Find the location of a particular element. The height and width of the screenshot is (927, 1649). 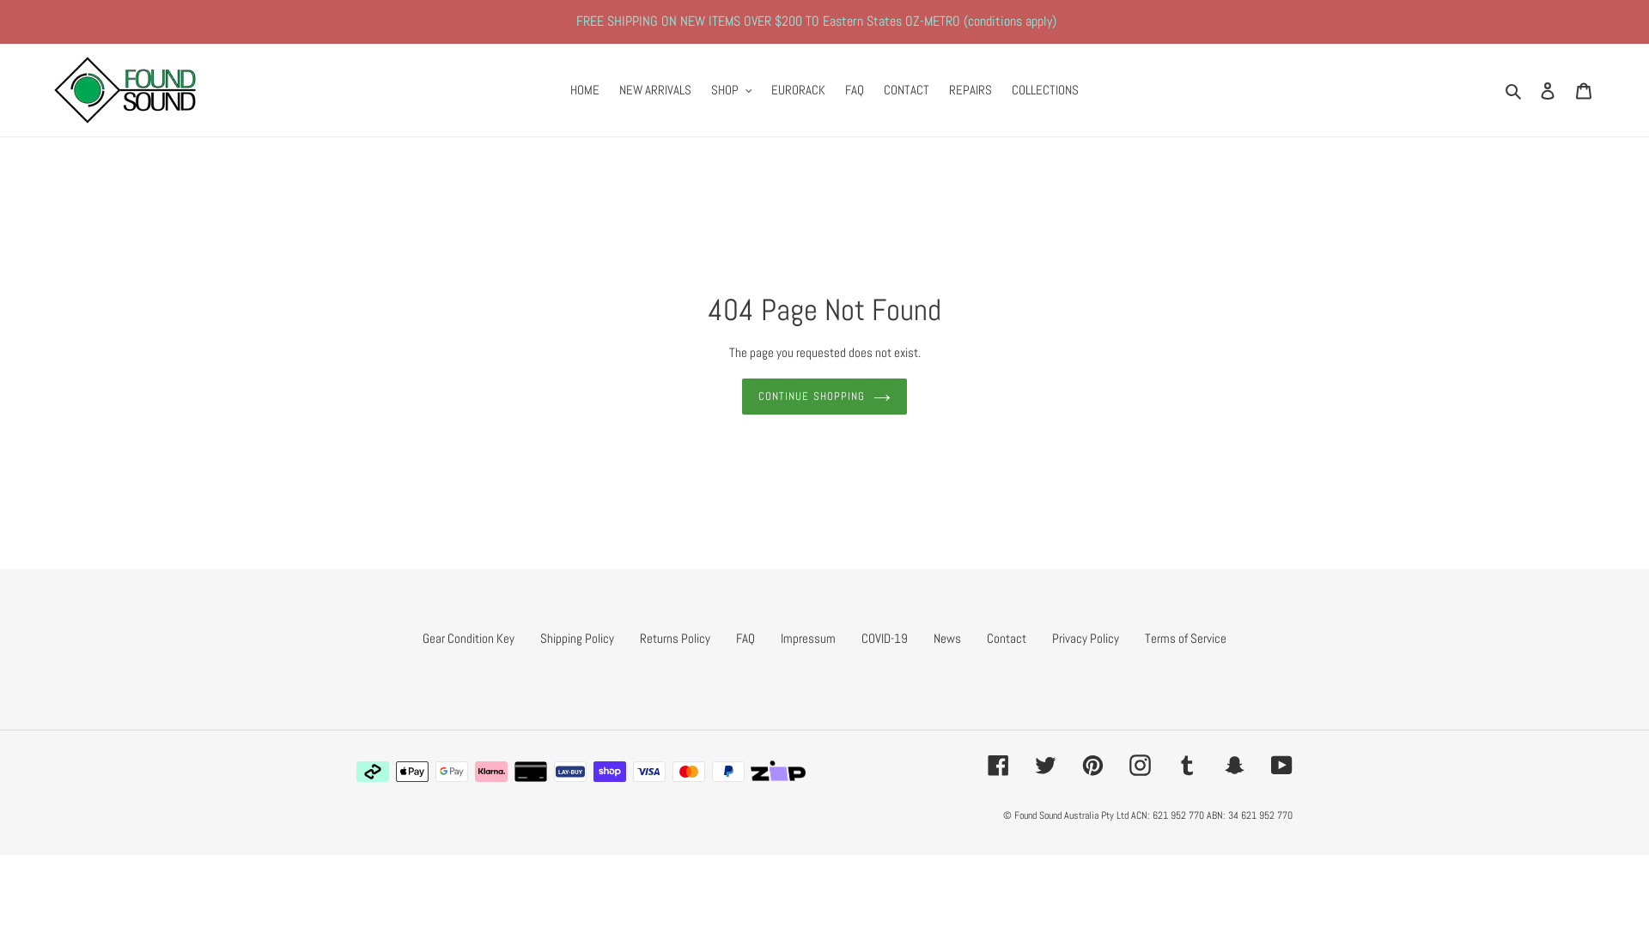

'CONTACT' is located at coordinates (905, 90).